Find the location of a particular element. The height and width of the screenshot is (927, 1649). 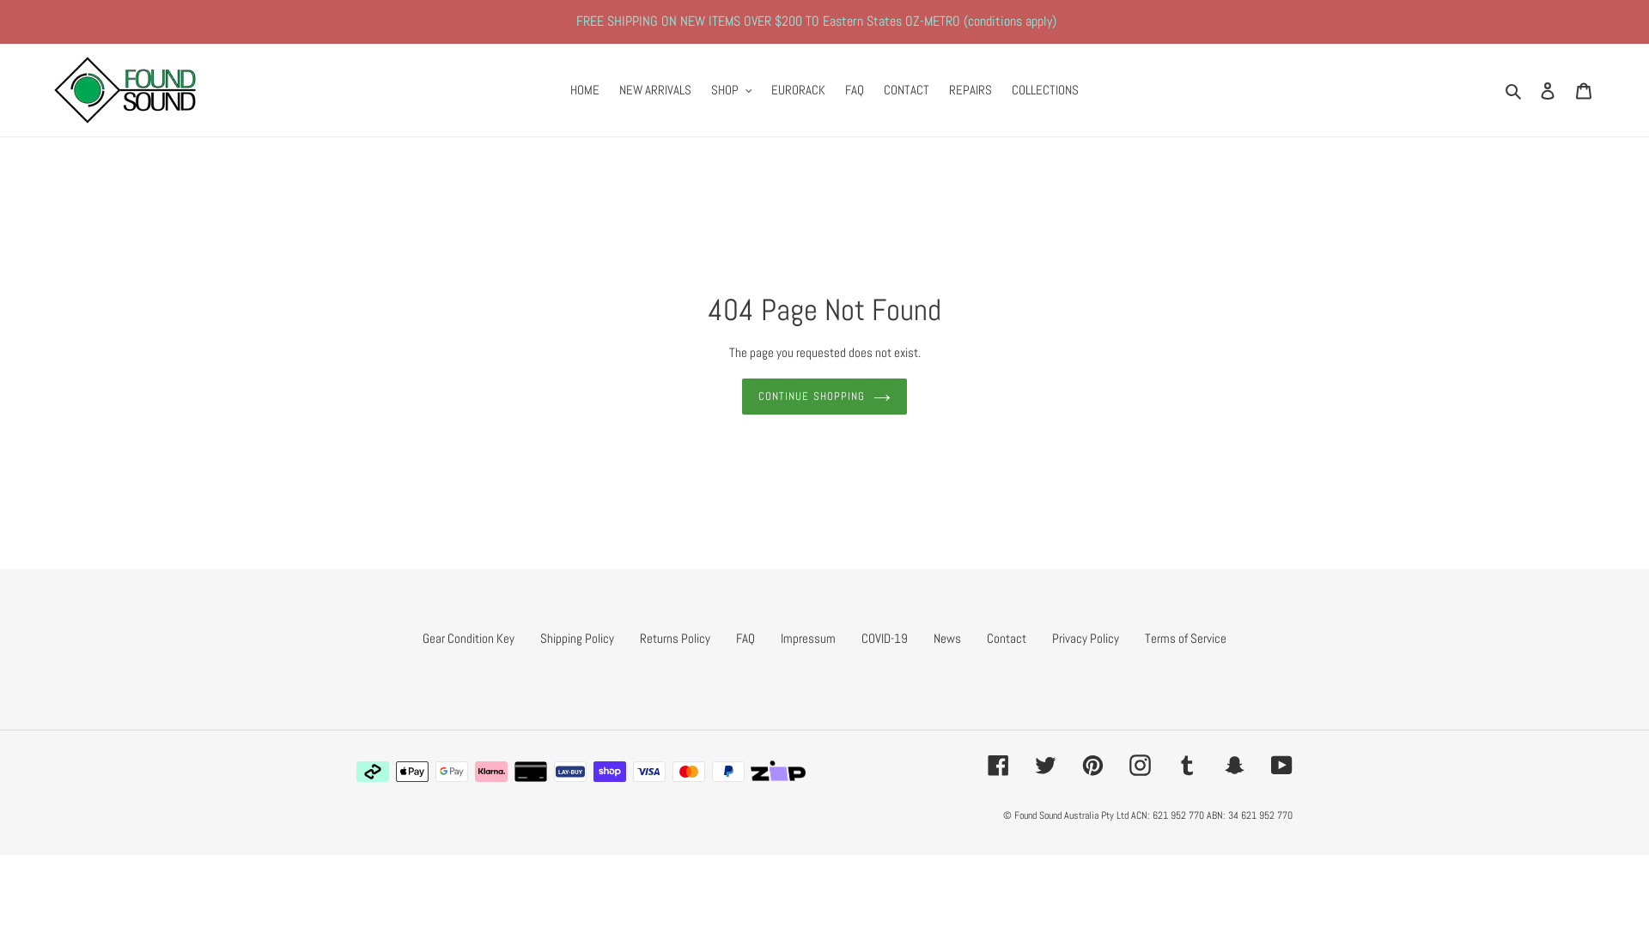

'CONTACT' is located at coordinates (905, 90).